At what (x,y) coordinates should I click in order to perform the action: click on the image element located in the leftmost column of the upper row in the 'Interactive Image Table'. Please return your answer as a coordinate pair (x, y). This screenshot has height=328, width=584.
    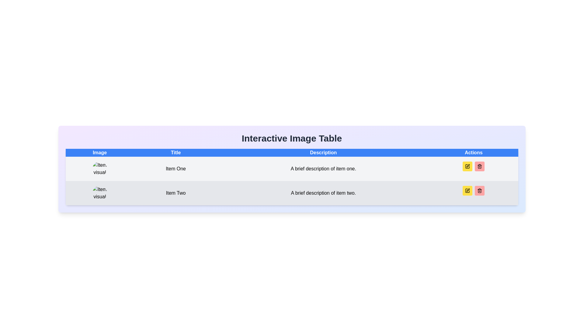
    Looking at the image, I should click on (99, 169).